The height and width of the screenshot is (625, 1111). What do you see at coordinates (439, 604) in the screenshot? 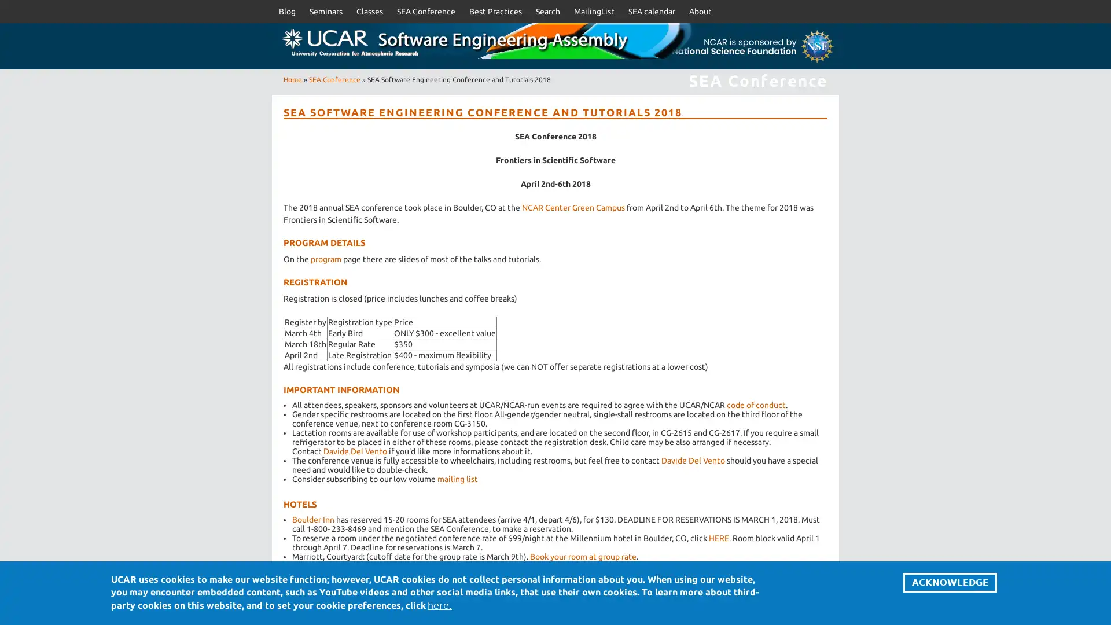
I see `here.` at bounding box center [439, 604].